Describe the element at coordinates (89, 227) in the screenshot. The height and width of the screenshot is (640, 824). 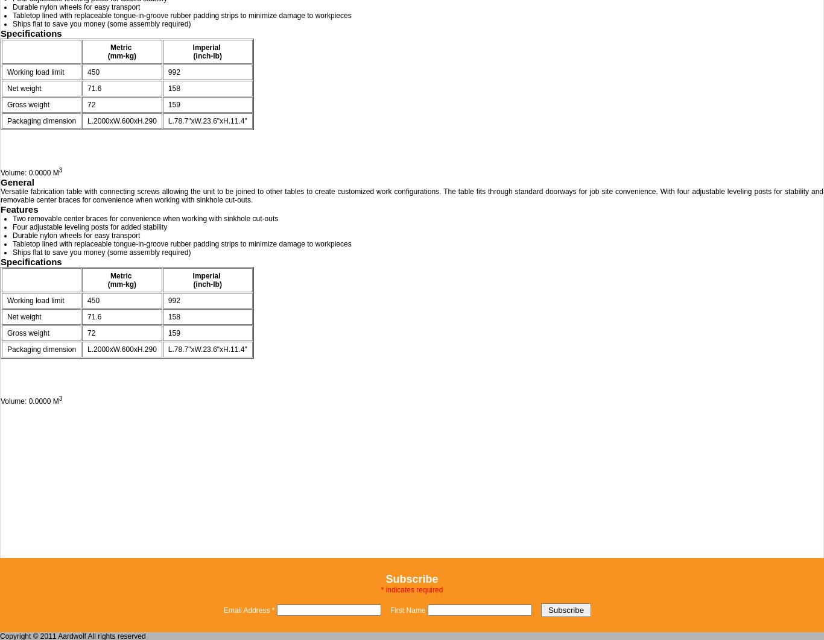
I see `'Four adjustable leveling posts for added stability'` at that location.